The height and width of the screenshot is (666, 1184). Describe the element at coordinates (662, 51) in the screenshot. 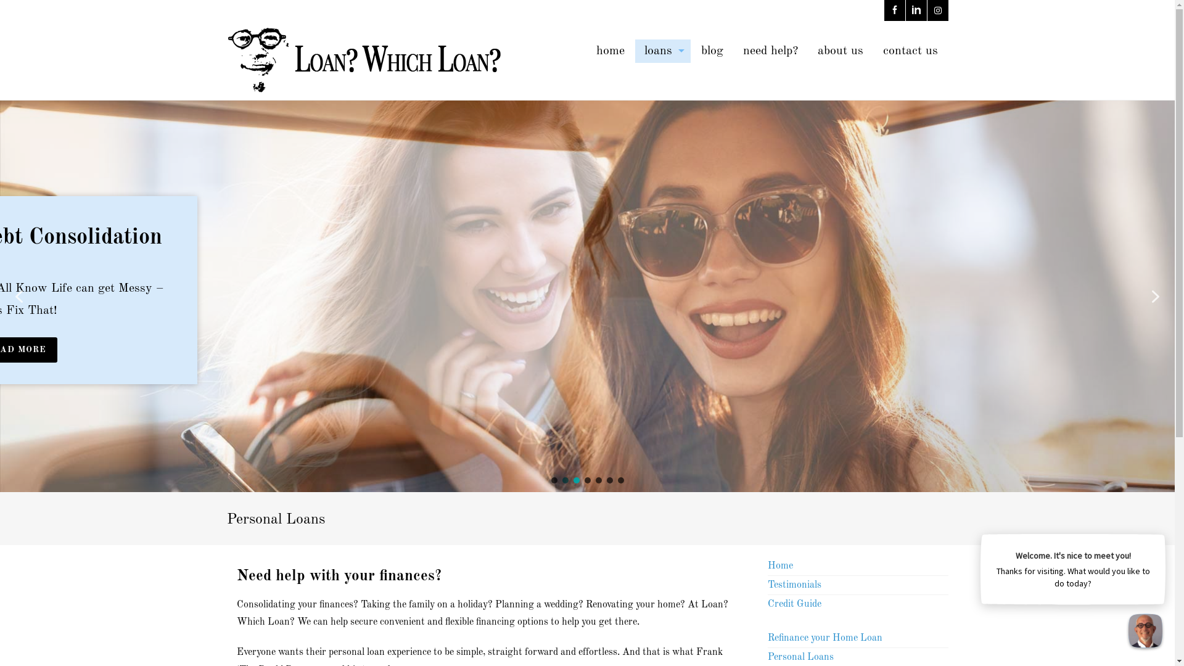

I see `'loans'` at that location.